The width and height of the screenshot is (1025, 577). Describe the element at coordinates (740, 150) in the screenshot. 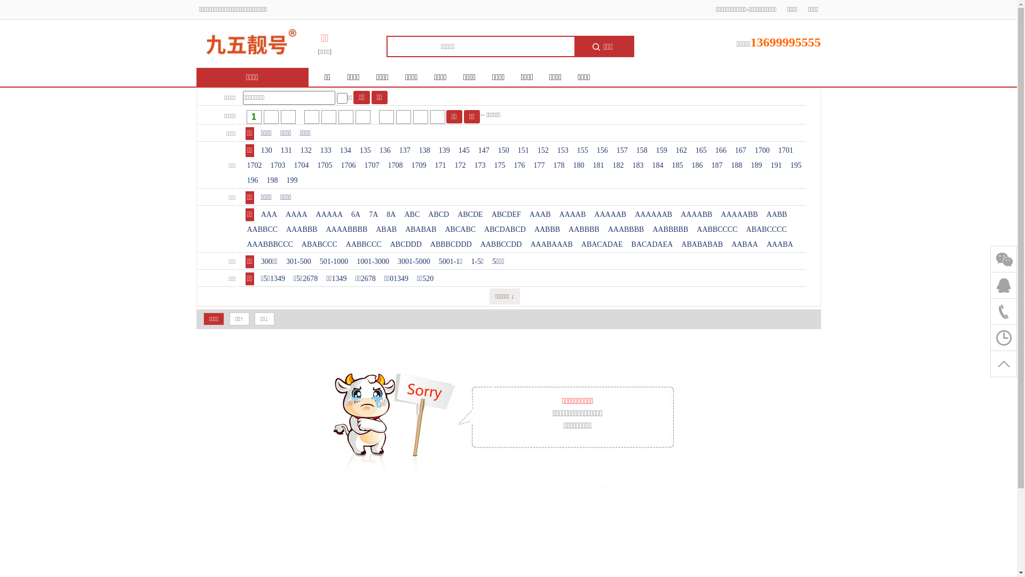

I see `'167'` at that location.